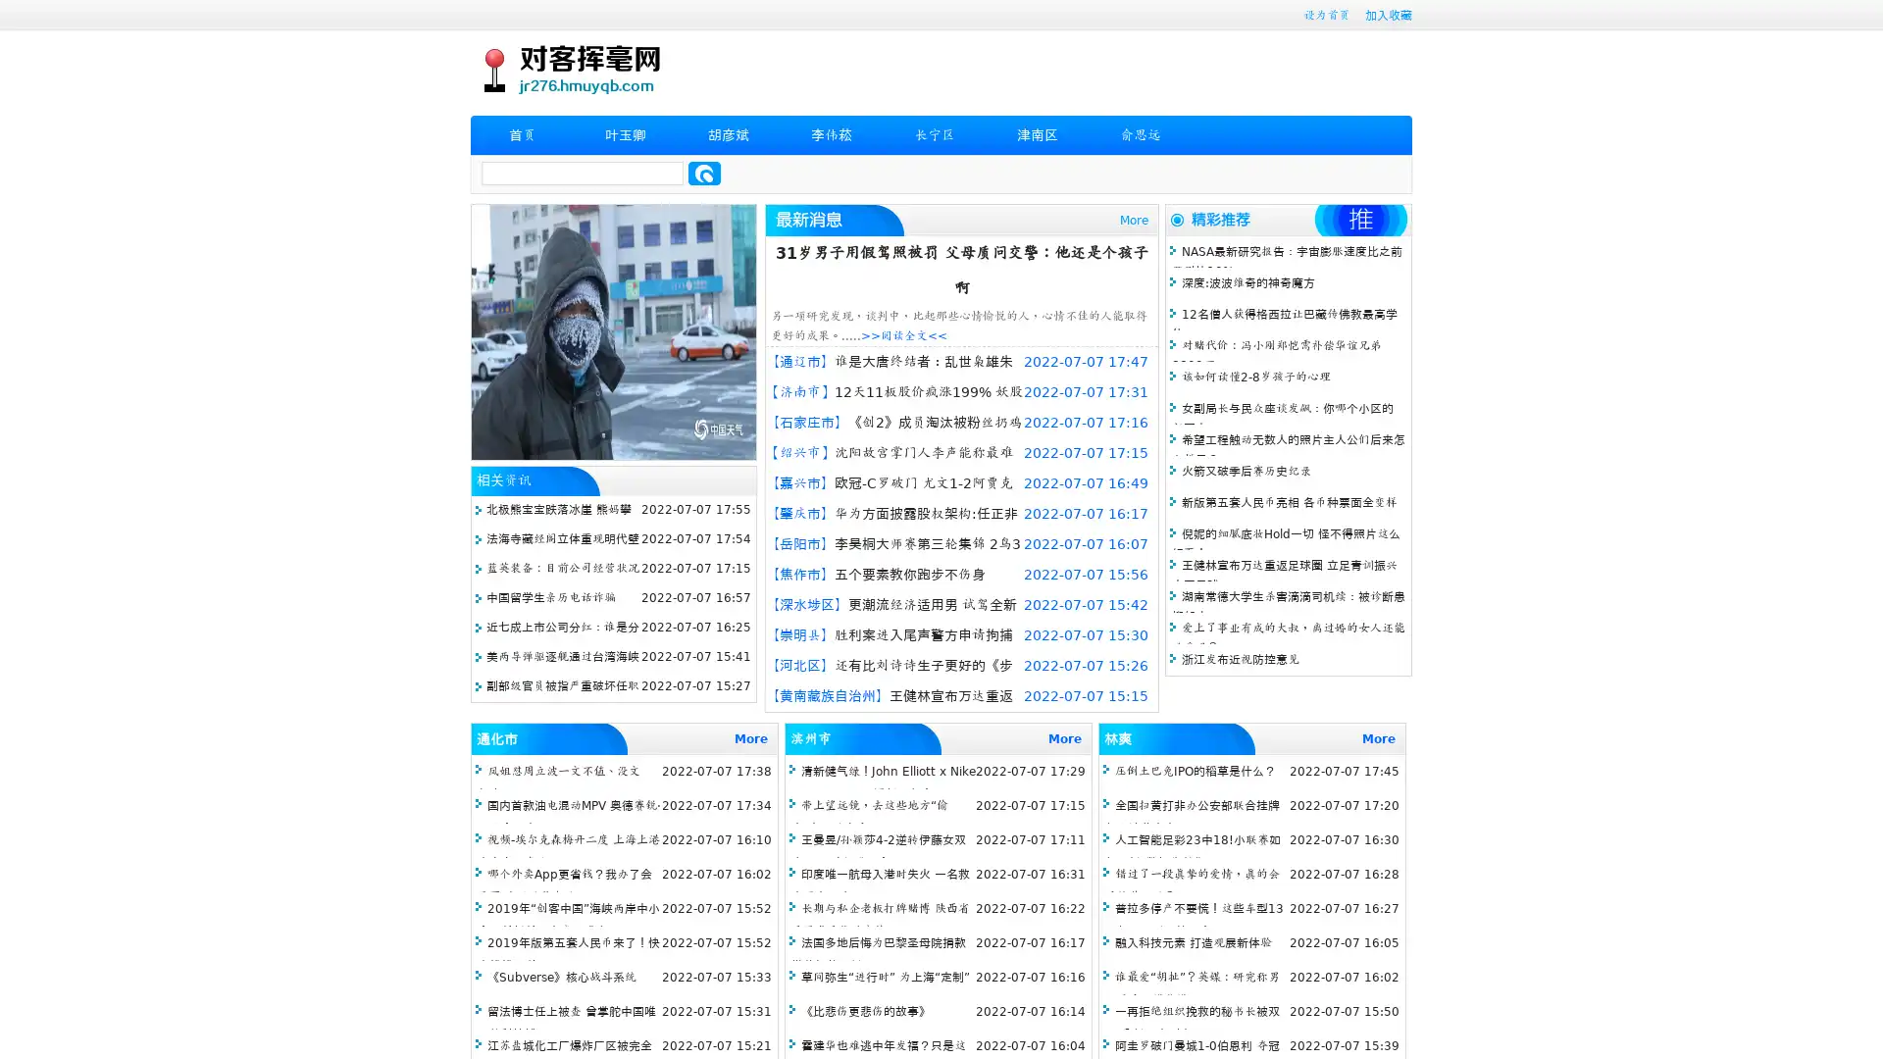 This screenshot has height=1059, width=1883. Describe the element at coordinates (704, 173) in the screenshot. I see `Search` at that location.